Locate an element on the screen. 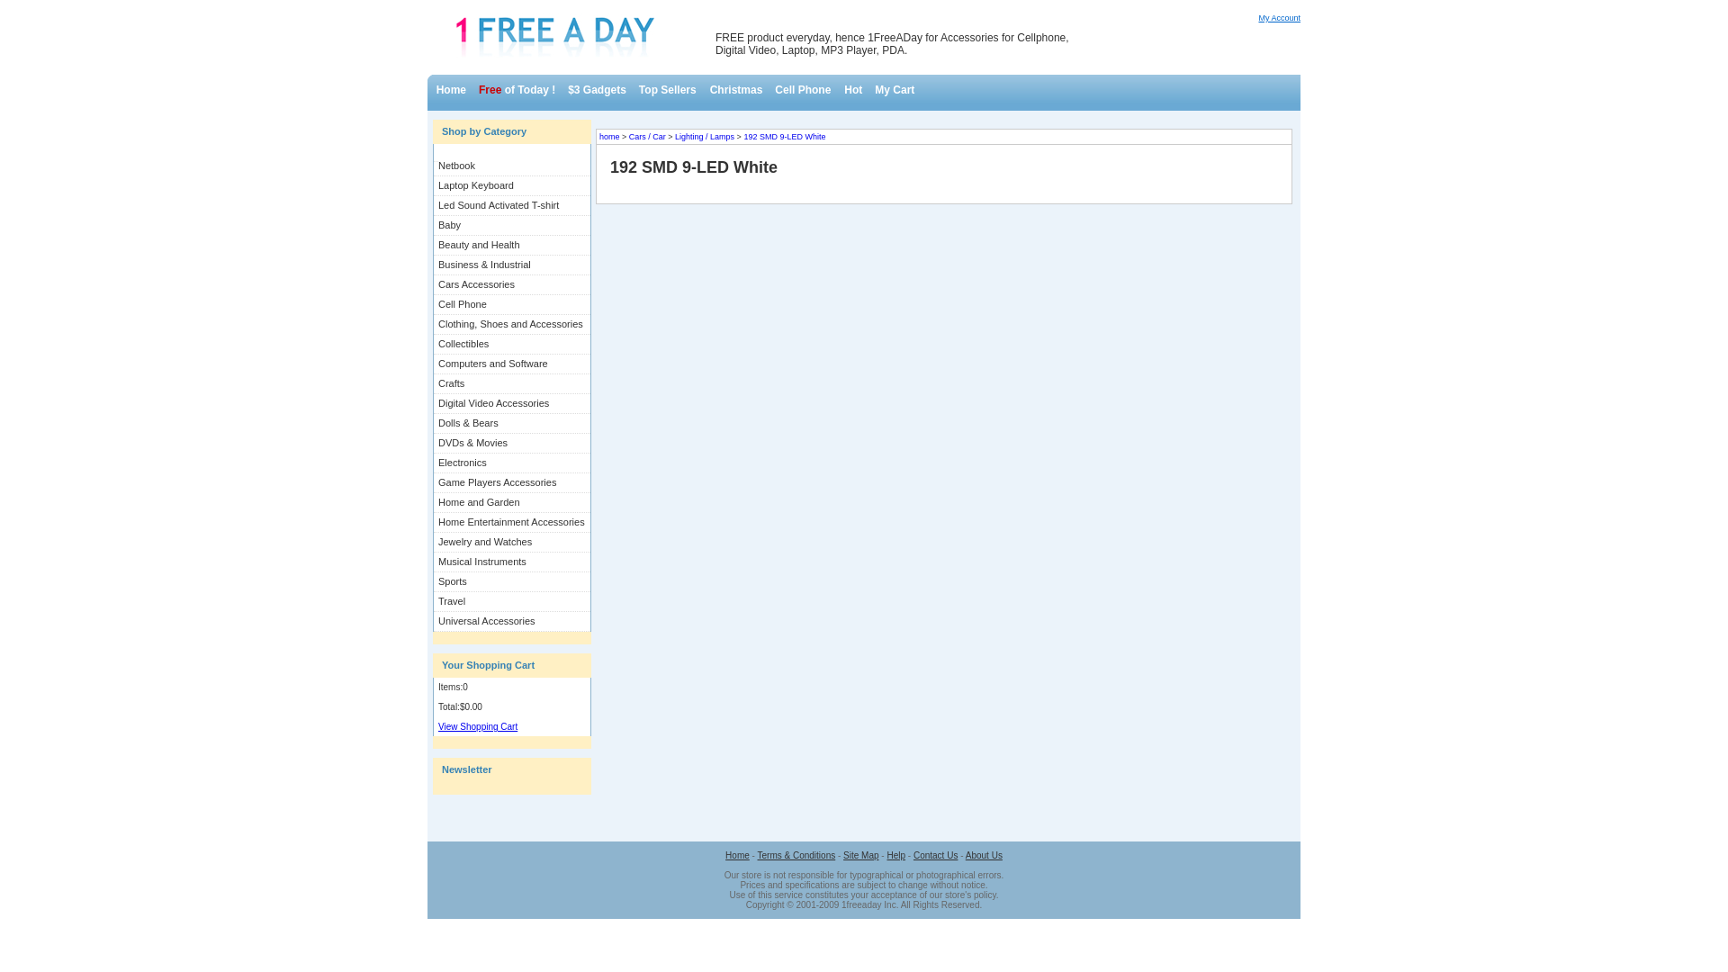  'Home and Garden' is located at coordinates (513, 502).